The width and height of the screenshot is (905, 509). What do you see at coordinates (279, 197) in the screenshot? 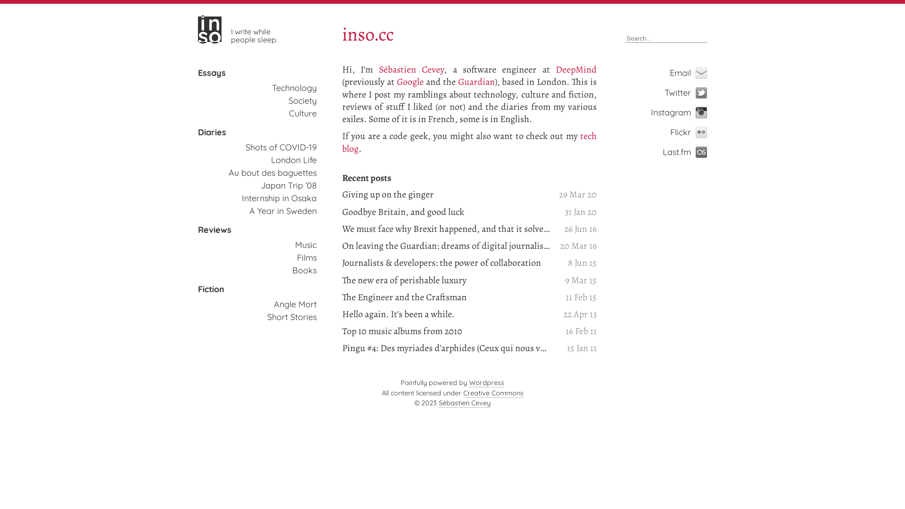
I see `'Internship in Osaka'` at bounding box center [279, 197].